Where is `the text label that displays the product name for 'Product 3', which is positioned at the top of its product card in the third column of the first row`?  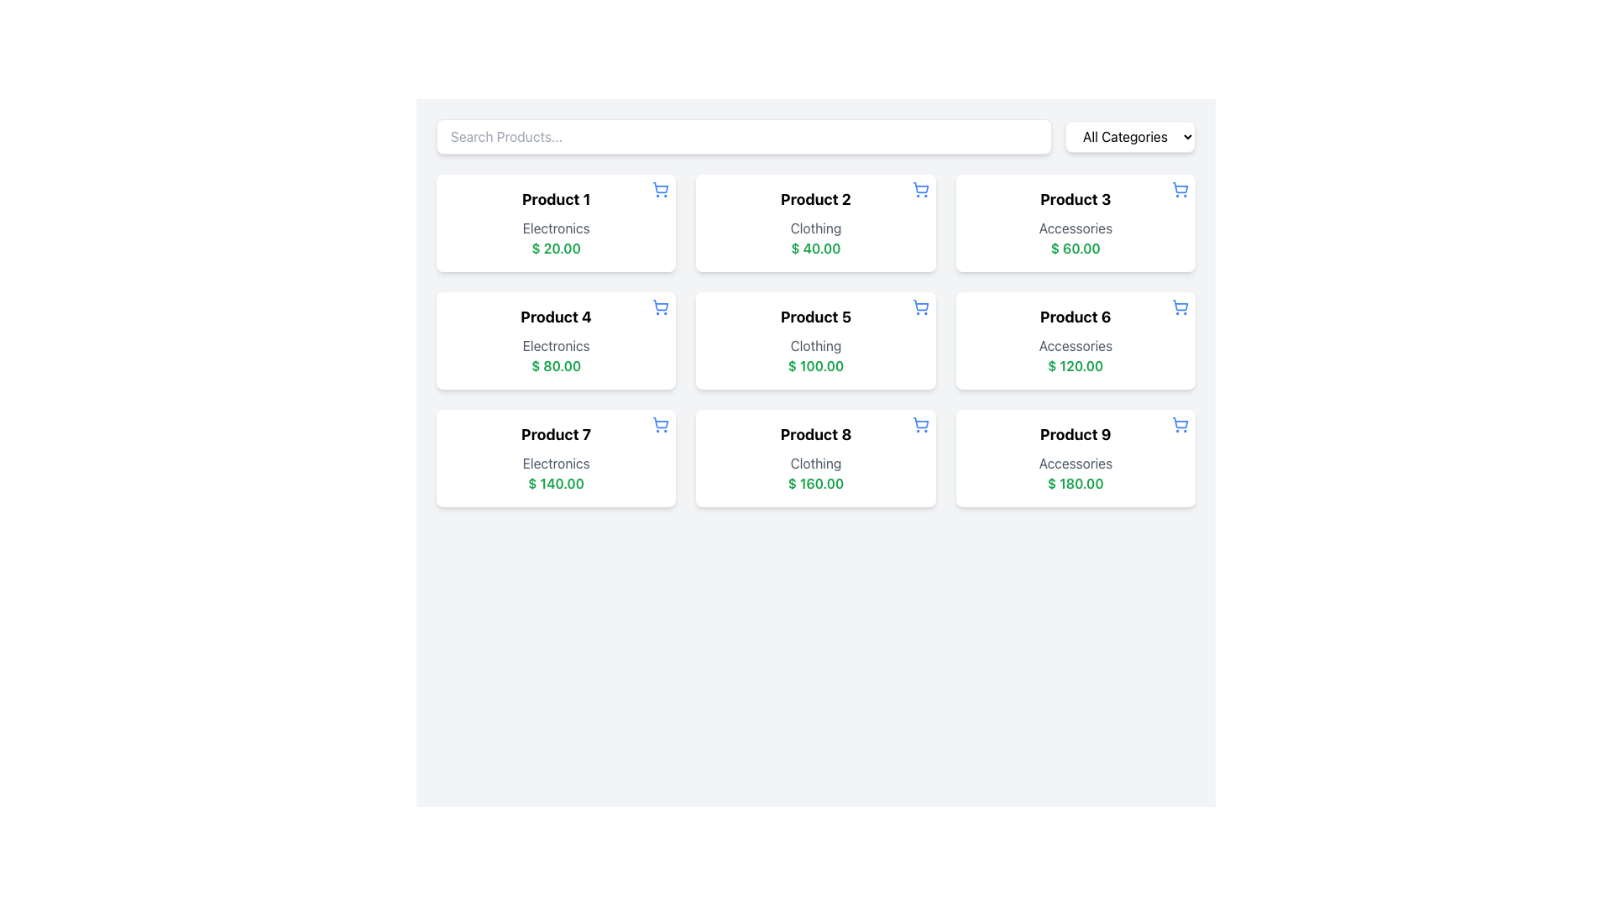 the text label that displays the product name for 'Product 3', which is positioned at the top of its product card in the third column of the first row is located at coordinates (1076, 199).